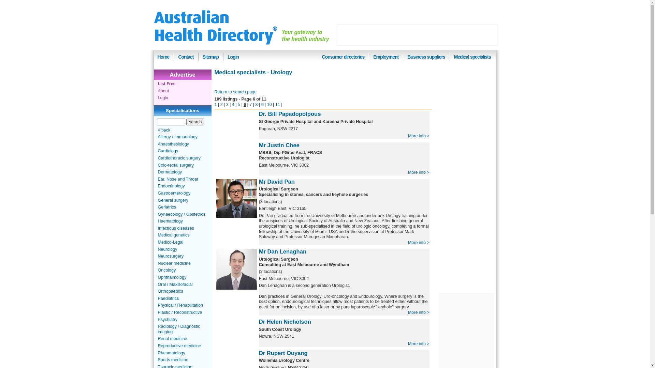  What do you see at coordinates (175, 228) in the screenshot?
I see `'Infectious diseases'` at bounding box center [175, 228].